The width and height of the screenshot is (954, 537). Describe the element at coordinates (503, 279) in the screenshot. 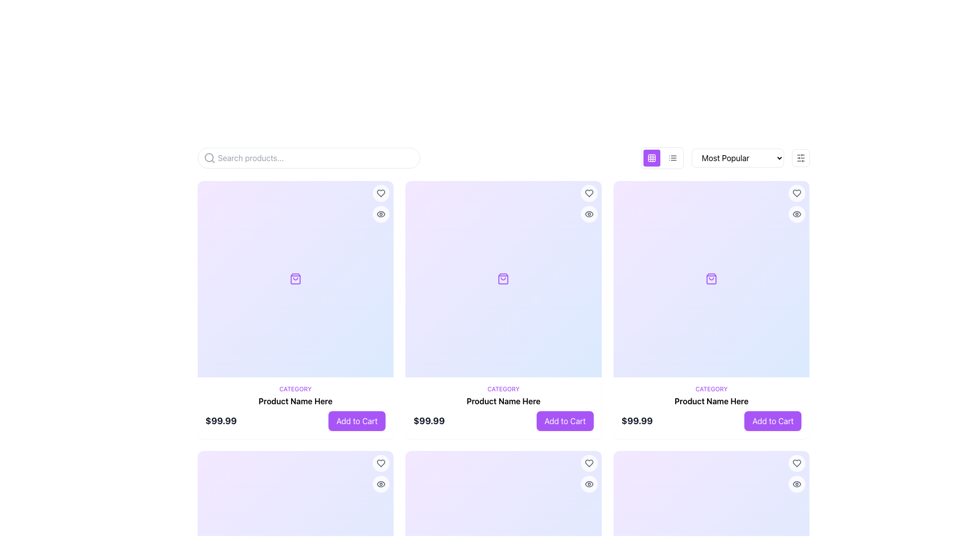

I see `the purple shopping bag icon located at the center of the second card from the left in the first row of a grid layout` at that location.